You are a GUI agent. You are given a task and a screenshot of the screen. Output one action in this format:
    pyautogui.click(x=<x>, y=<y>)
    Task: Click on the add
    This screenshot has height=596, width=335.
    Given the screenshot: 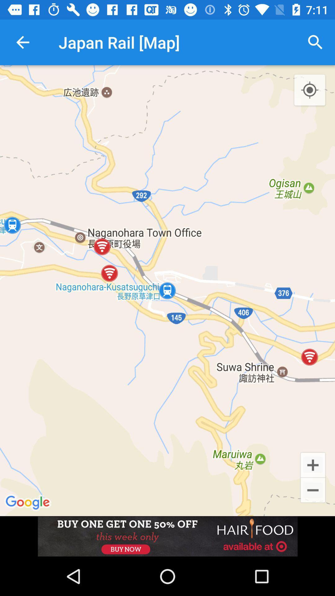 What is the action you would take?
    pyautogui.click(x=313, y=465)
    